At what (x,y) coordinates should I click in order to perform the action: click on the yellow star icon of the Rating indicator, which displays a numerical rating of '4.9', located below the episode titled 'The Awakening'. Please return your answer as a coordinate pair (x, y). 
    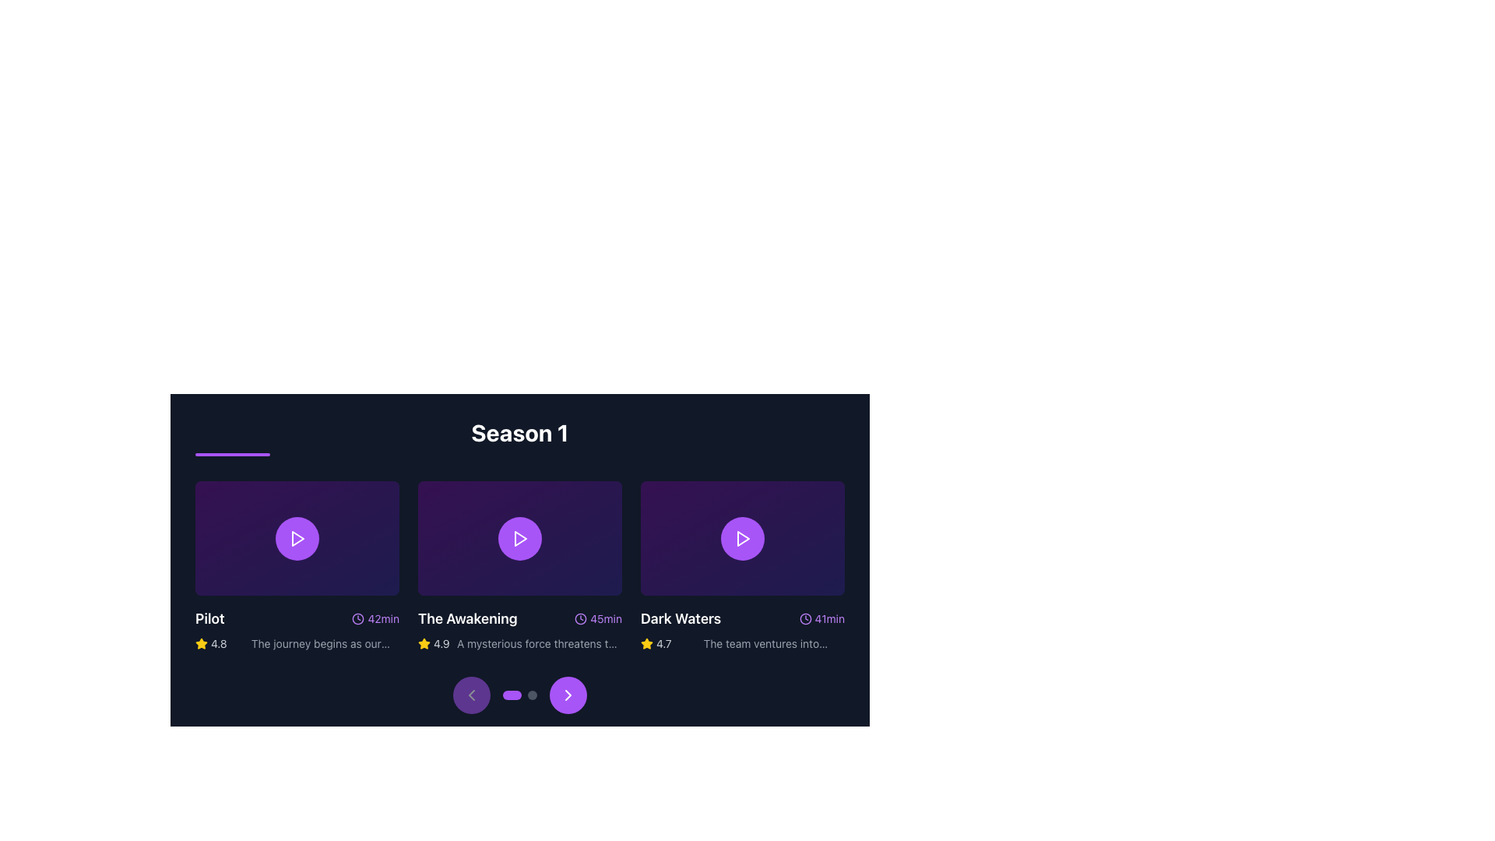
    Looking at the image, I should click on (434, 644).